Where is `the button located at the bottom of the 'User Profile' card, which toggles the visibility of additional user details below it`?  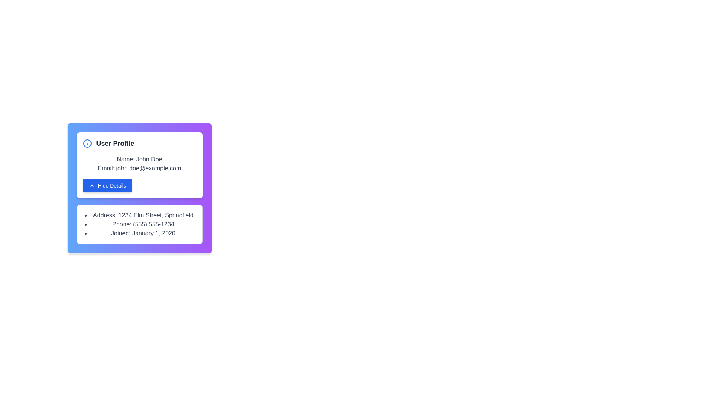 the button located at the bottom of the 'User Profile' card, which toggles the visibility of additional user details below it is located at coordinates (107, 185).